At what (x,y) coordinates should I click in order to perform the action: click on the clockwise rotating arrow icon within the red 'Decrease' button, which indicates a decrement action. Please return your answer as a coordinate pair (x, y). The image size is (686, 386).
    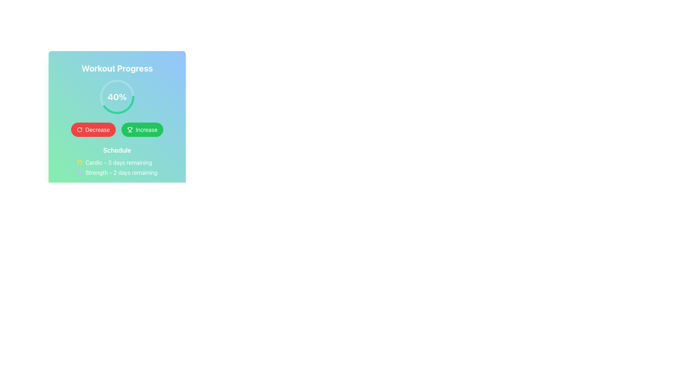
    Looking at the image, I should click on (79, 129).